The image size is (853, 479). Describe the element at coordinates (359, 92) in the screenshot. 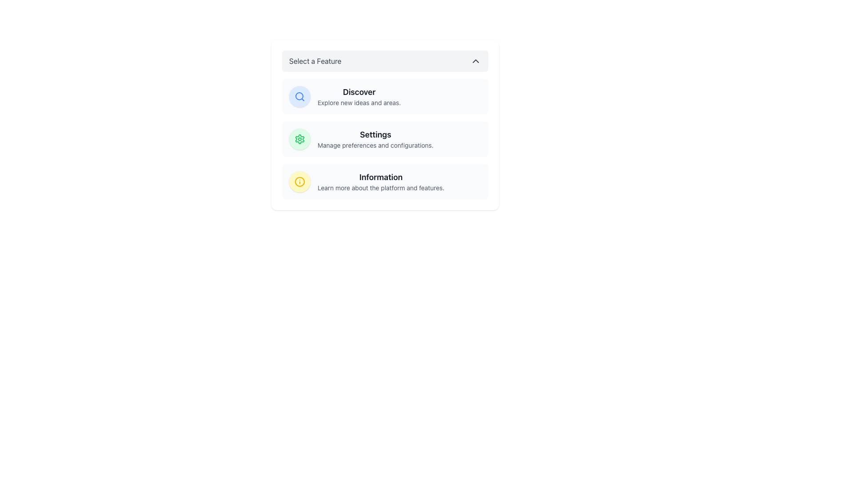

I see `the prominent text label 'Discover'` at that location.